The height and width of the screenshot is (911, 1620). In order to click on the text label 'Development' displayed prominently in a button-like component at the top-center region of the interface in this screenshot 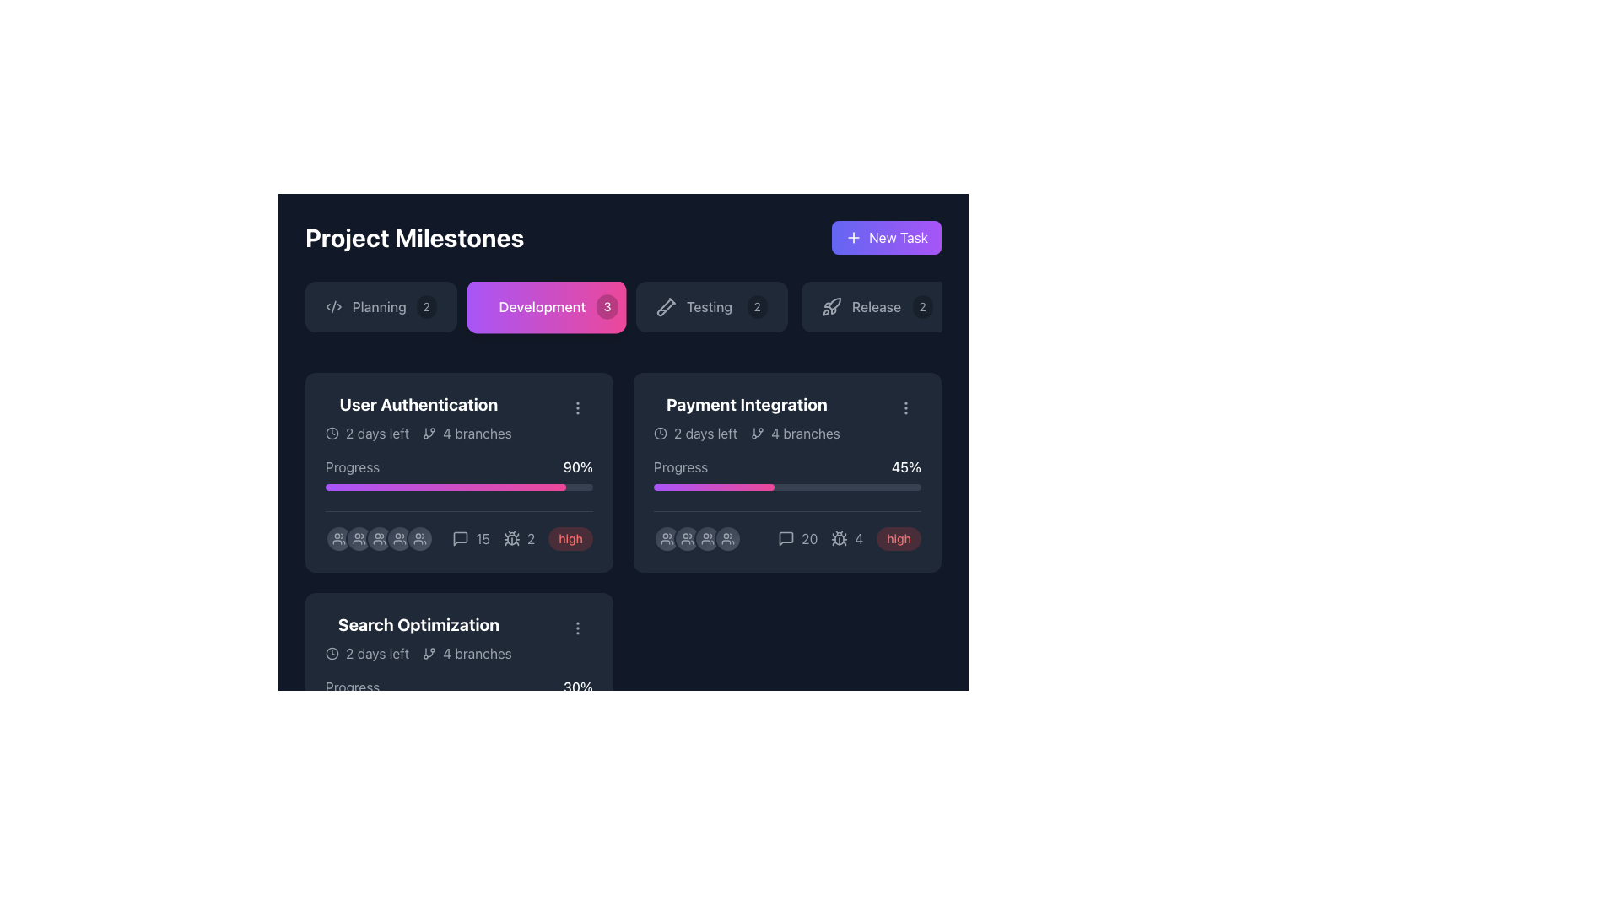, I will do `click(542, 306)`.